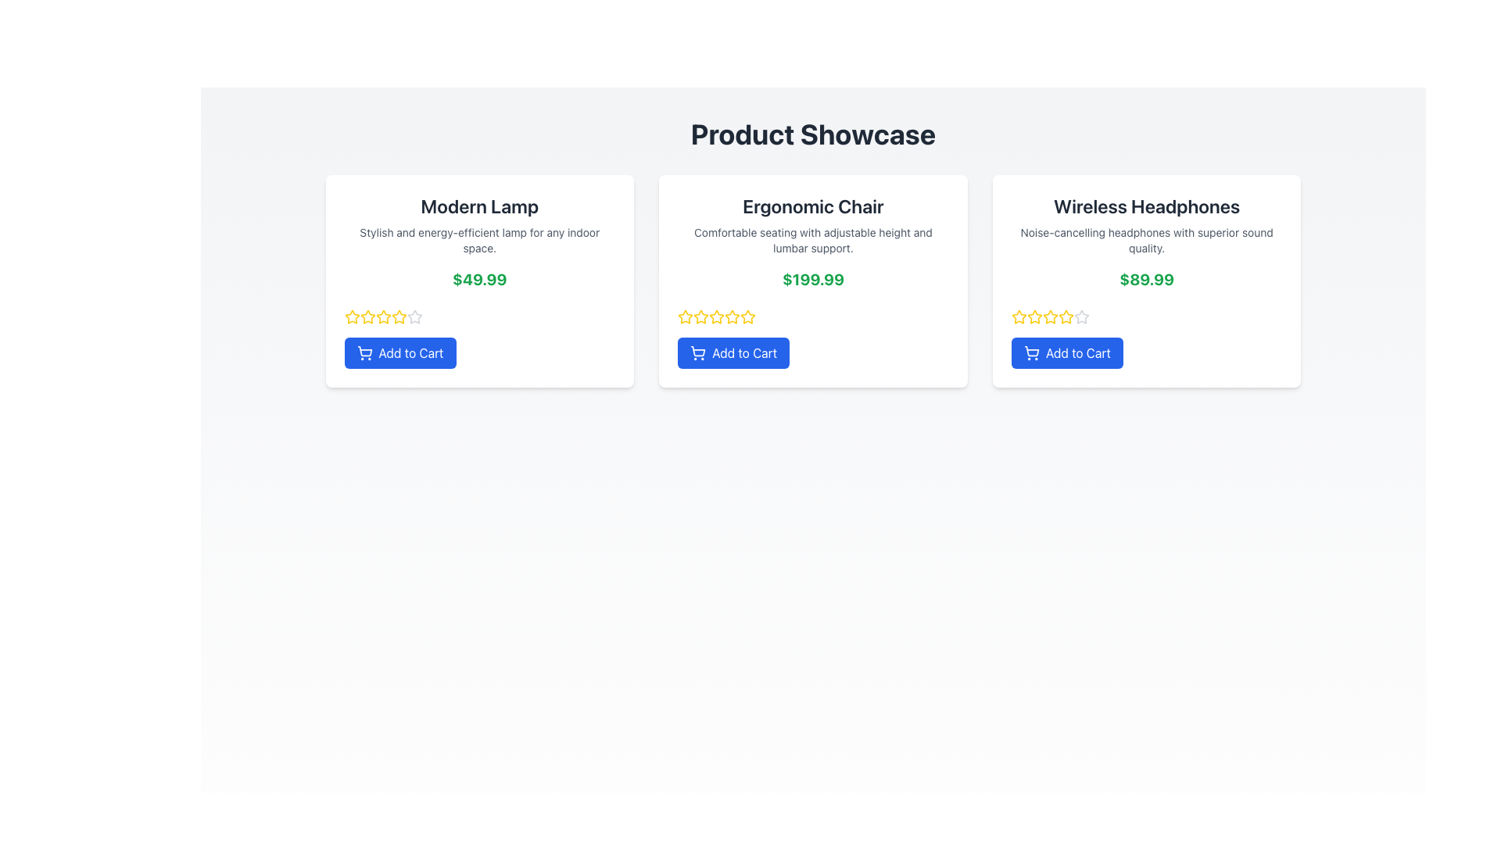  What do you see at coordinates (813, 241) in the screenshot?
I see `the descriptive text element that summarizes the features of the 'Ergonomic Chair', located below the product title and above the price` at bounding box center [813, 241].